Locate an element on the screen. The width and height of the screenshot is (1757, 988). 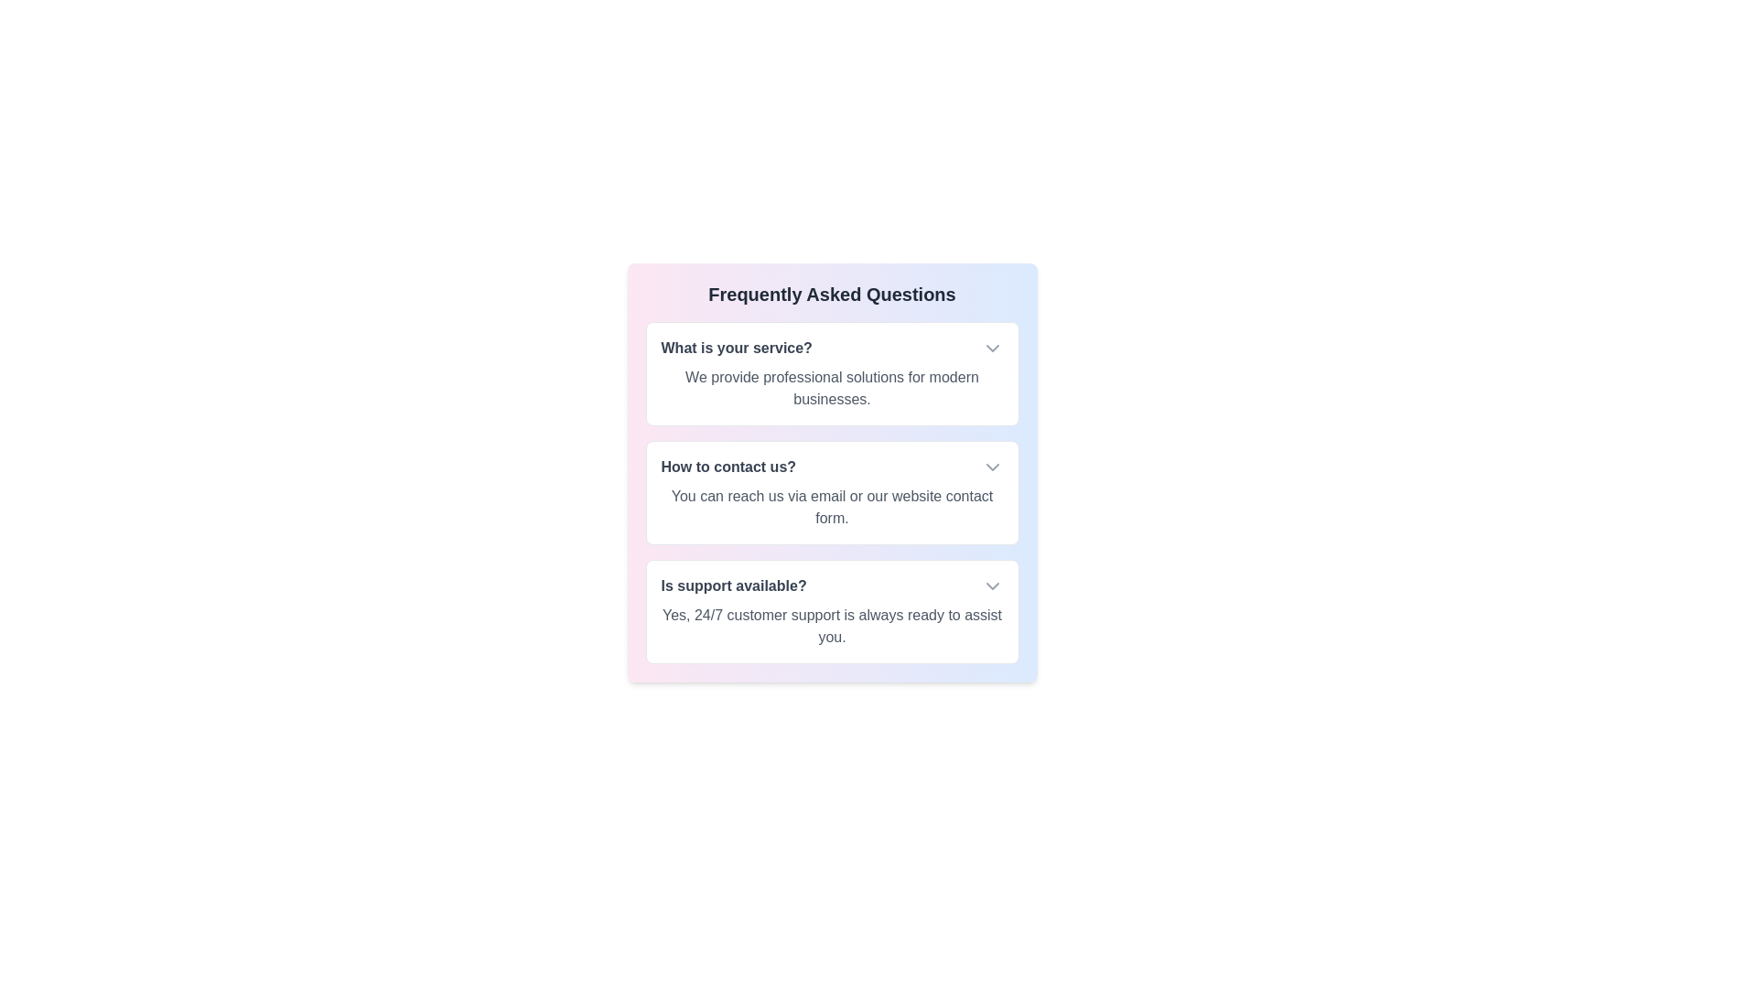
the dropdown icon to toggle the visibility of the answer for Is support available? is located at coordinates (991, 585).